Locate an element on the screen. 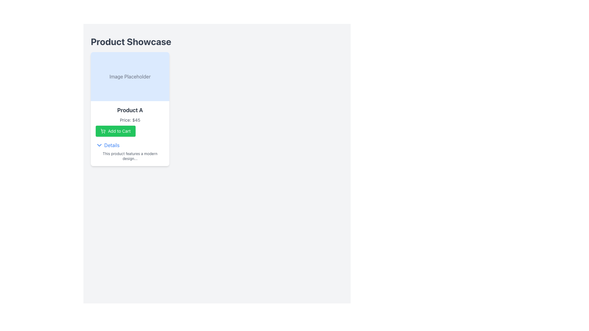  the Text label that serves as a placeholder for an image within the card layout, located centrally at the top of the card structure is located at coordinates (129, 76).